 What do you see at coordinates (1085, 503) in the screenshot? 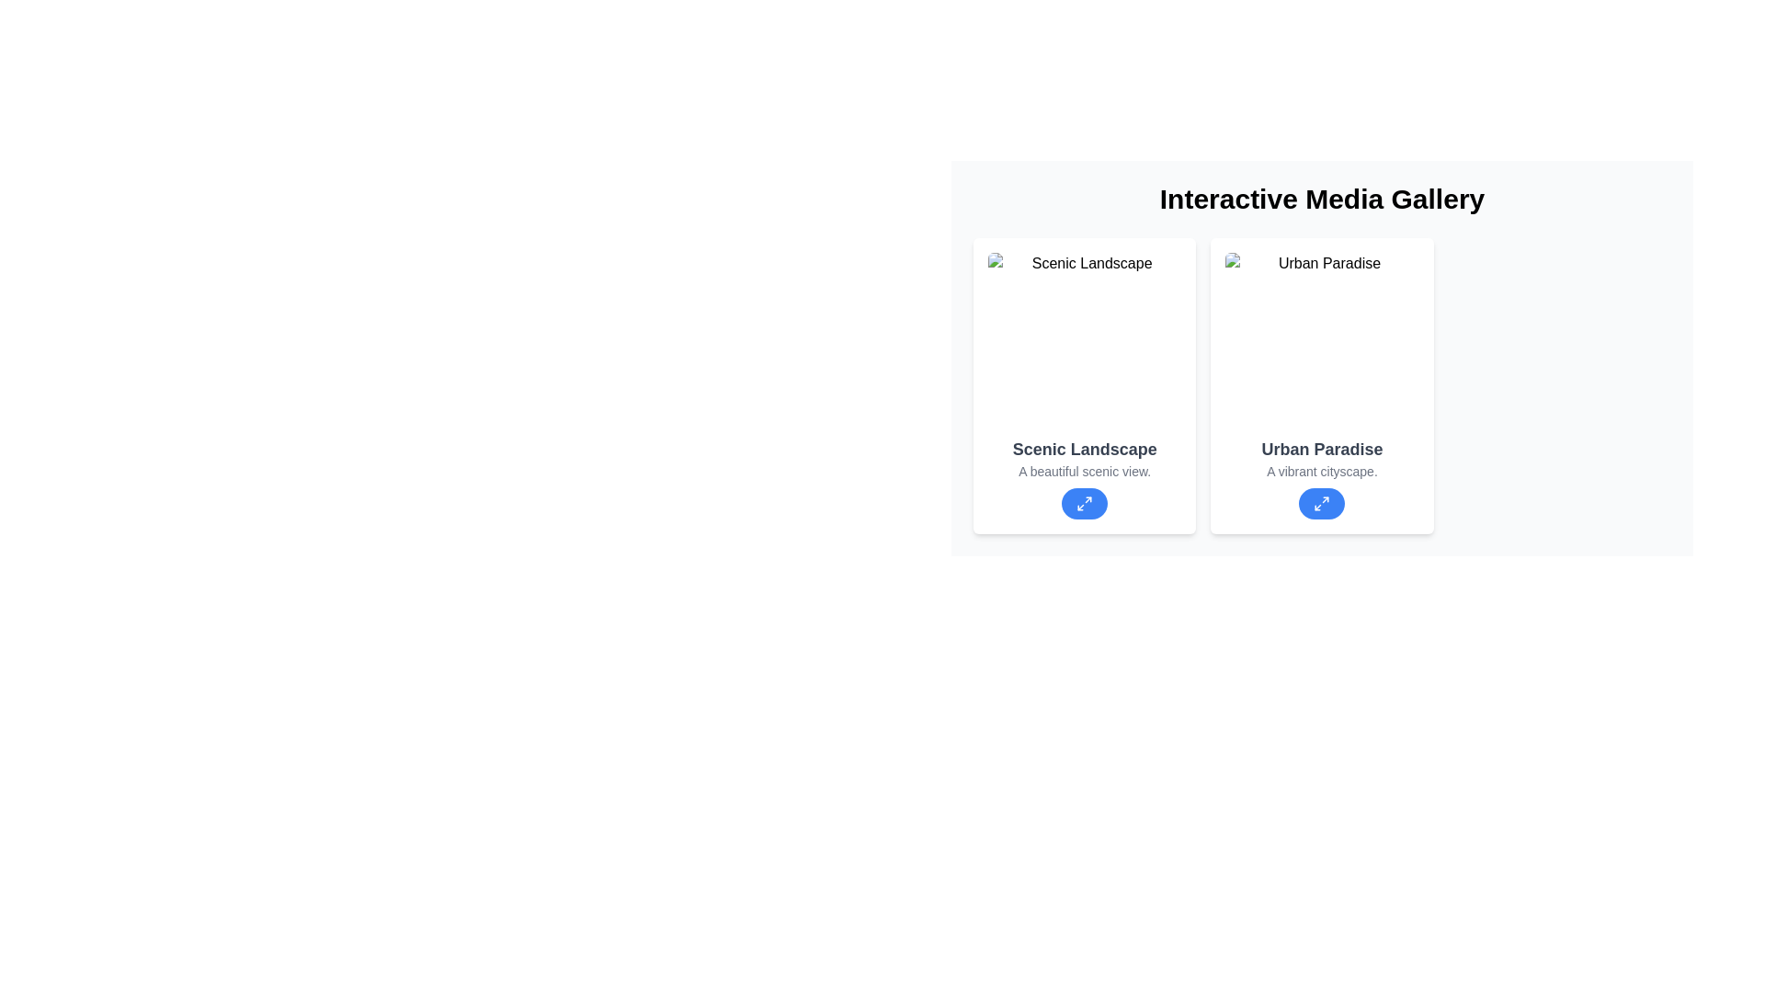
I see `the rounded blue button with a white icon of diagonal arrows pointing outward, located beneath the 'A beautiful scenic view.' text in the 'Scenic Landscape' card to trigger the hover effect` at bounding box center [1085, 503].